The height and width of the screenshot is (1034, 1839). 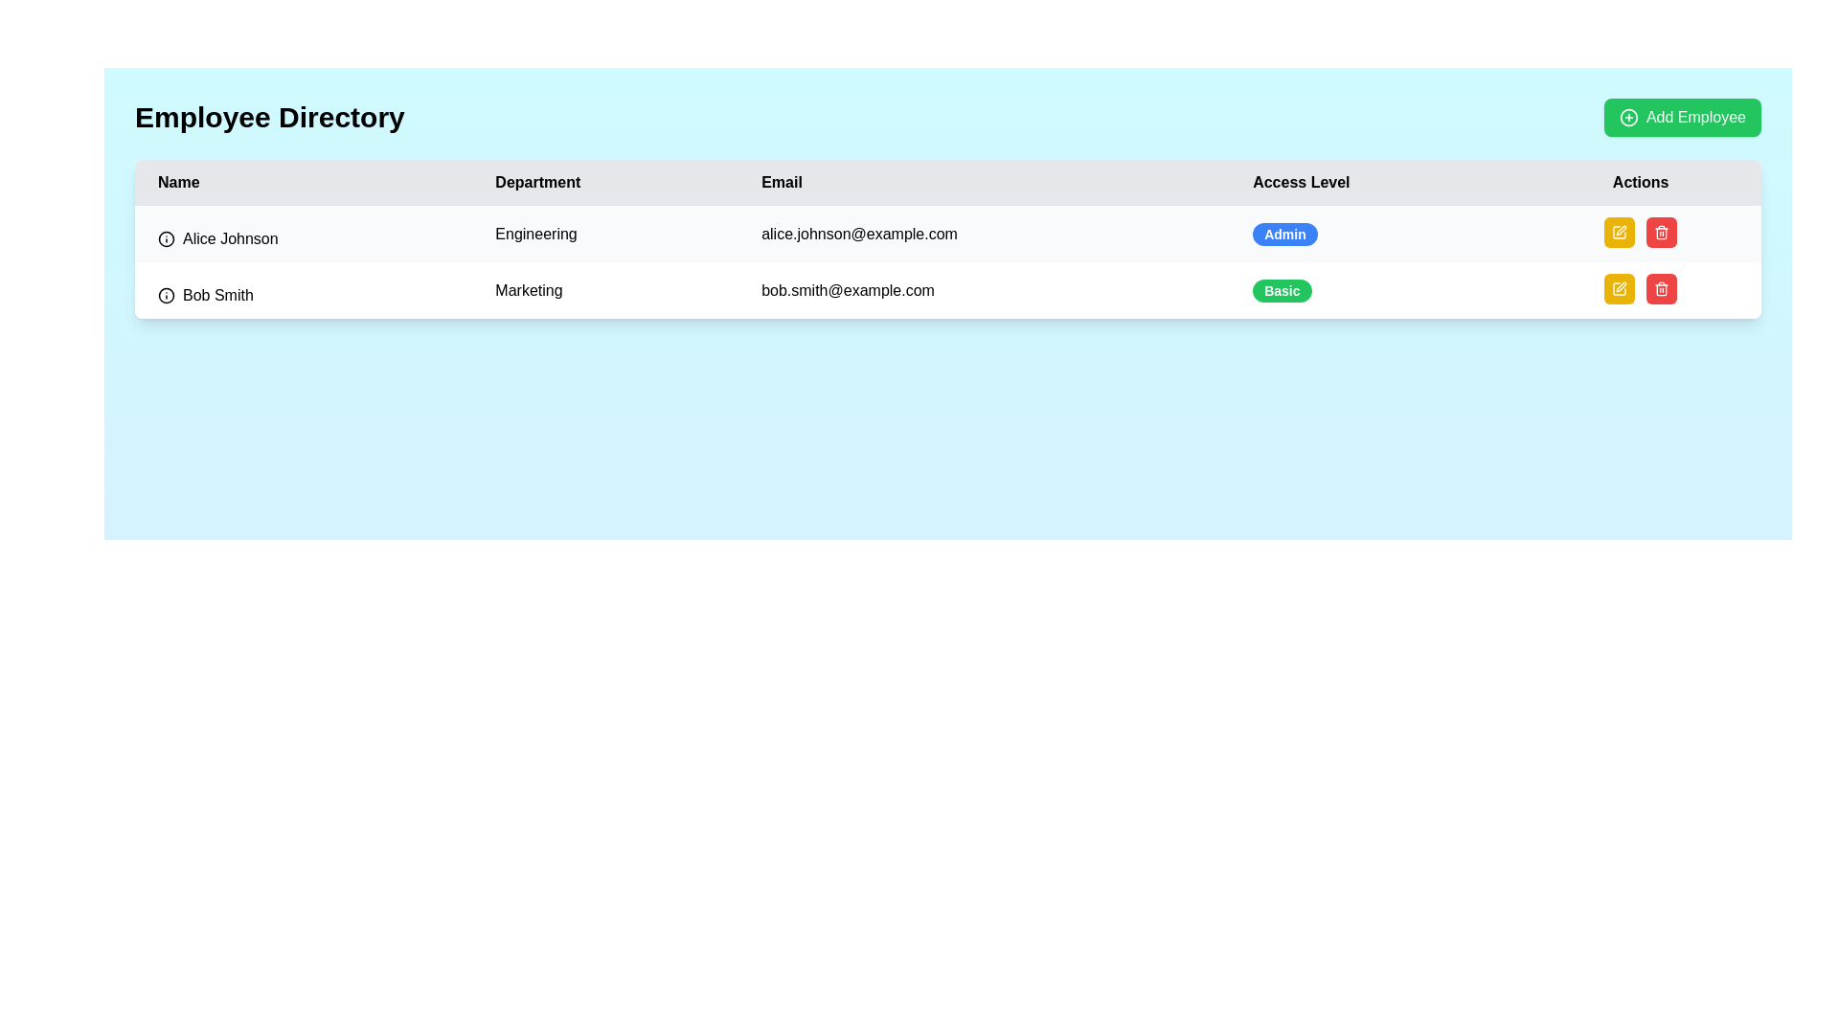 I want to click on the 'edit' icon graphic, which is a small square with a thin line stroke on a yellow background, located in the 'Actions' column for 'Bob Smith', so click(x=1619, y=288).